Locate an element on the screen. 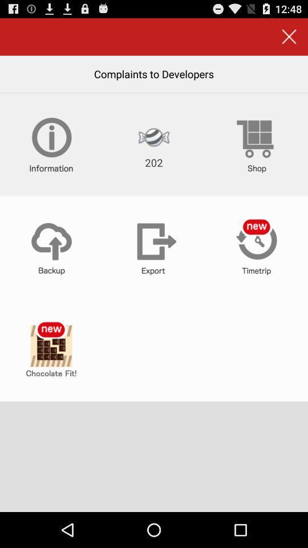 This screenshot has width=308, height=548. backup data is located at coordinates (51, 247).